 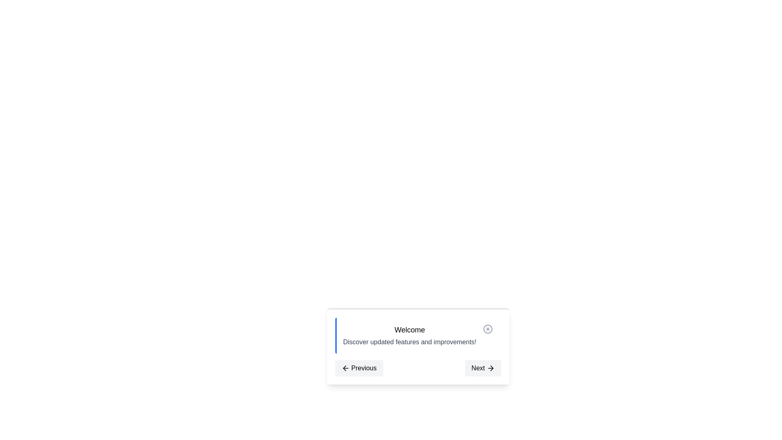 What do you see at coordinates (345, 368) in the screenshot?
I see `the leftward arrow icon within the 'Previous' button located at the bottom-left side of the modal pop-up` at bounding box center [345, 368].